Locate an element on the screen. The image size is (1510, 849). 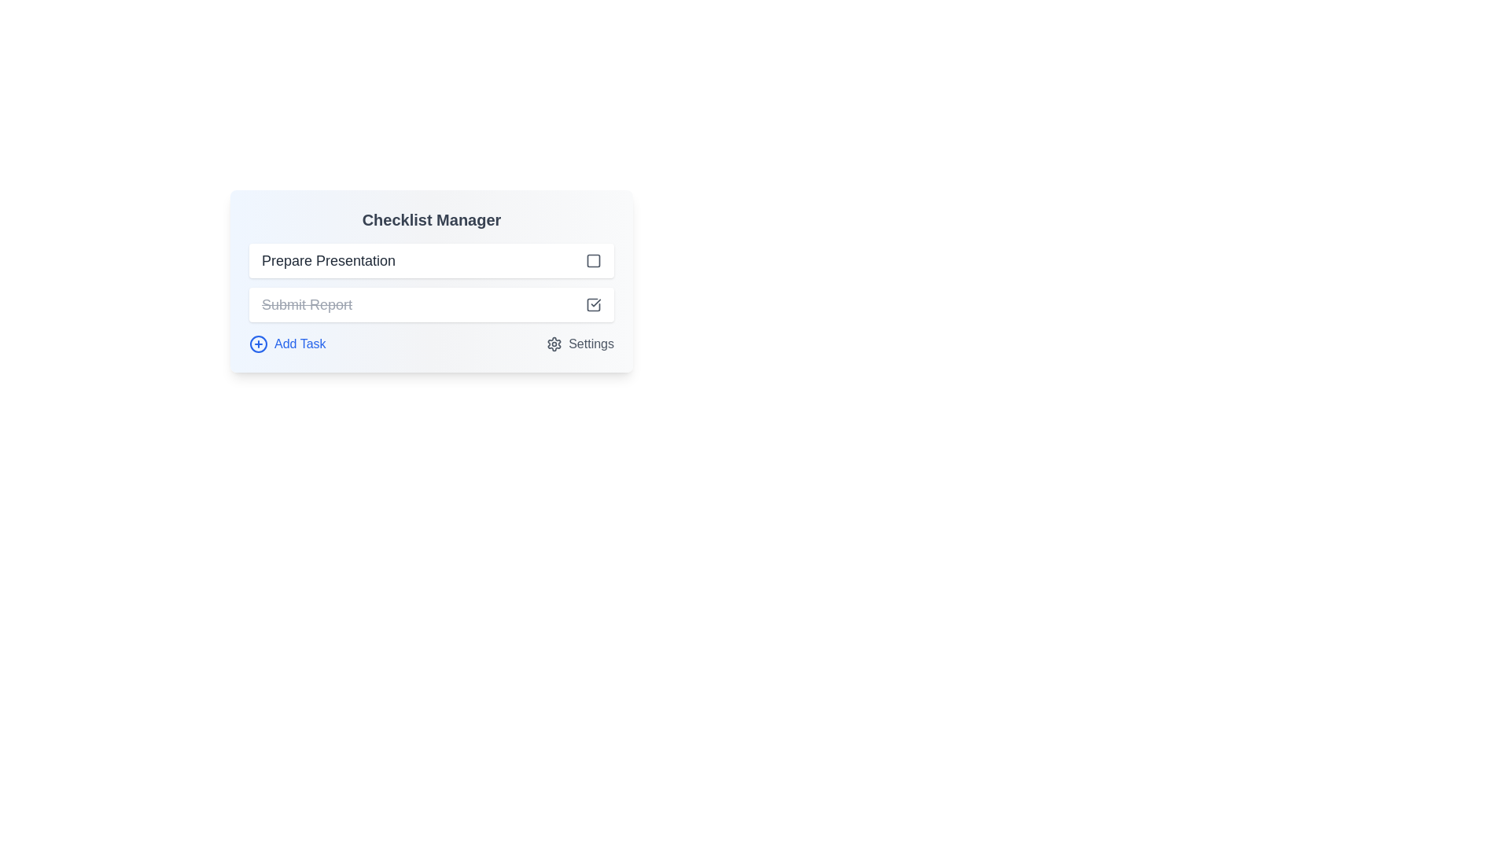
the 'Settings' text label, which is styled in gray and positioned near a gear icon on the lower-right side of the card interface is located at coordinates (591, 344).